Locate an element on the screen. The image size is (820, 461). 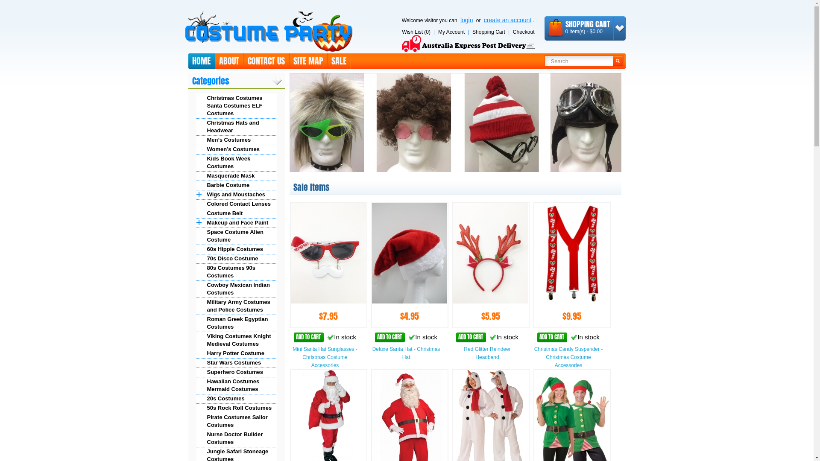
'Cowboy Mexican Indian Costumes' is located at coordinates (196, 289).